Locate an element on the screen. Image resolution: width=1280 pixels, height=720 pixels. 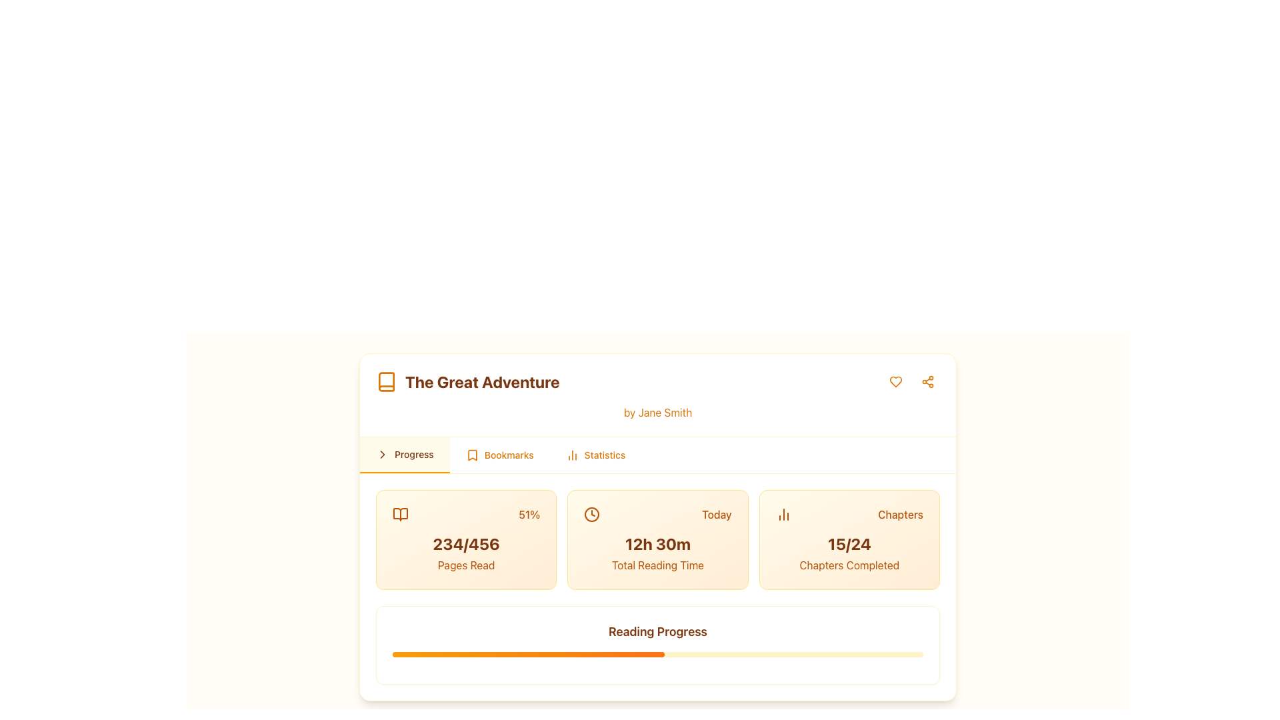
the heart-shaped icon with a hollow center, located at the top-right corner of the main content card is located at coordinates (896, 382).